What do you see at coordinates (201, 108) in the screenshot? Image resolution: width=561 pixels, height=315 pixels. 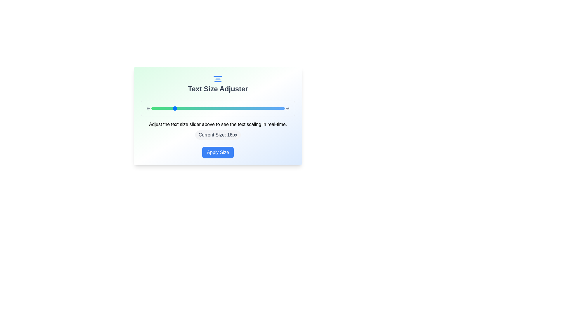 I see `the text size slider to set the text size to 21px` at bounding box center [201, 108].